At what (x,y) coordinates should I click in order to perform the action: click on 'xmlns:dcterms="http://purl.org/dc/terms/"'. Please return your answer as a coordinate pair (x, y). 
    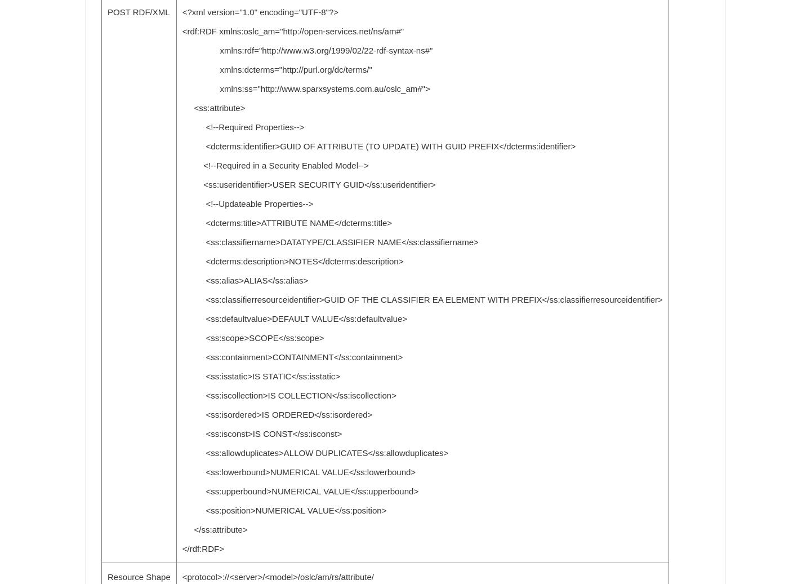
    Looking at the image, I should click on (276, 69).